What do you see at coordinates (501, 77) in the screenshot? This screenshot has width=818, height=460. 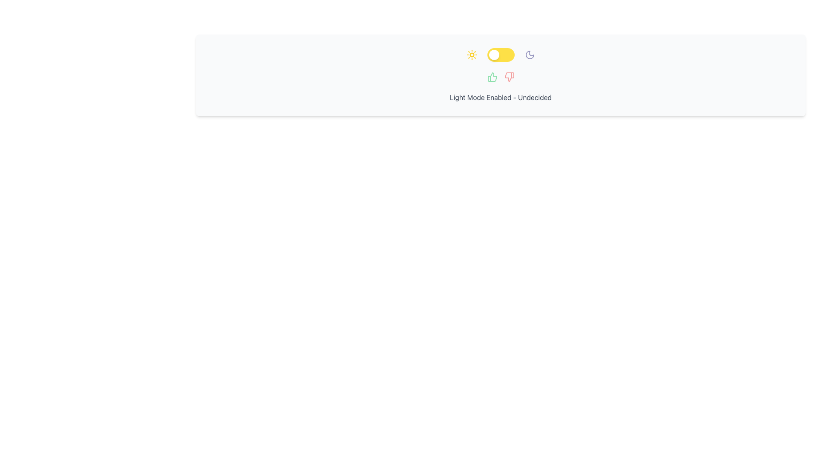 I see `the Icon group consisting of a green thumbs-up and a red thumbs-down icon, positioned slightly below the row of sun, toggle, and moon icons, and above the text 'Light Mode Enabled - Undecided'` at bounding box center [501, 77].